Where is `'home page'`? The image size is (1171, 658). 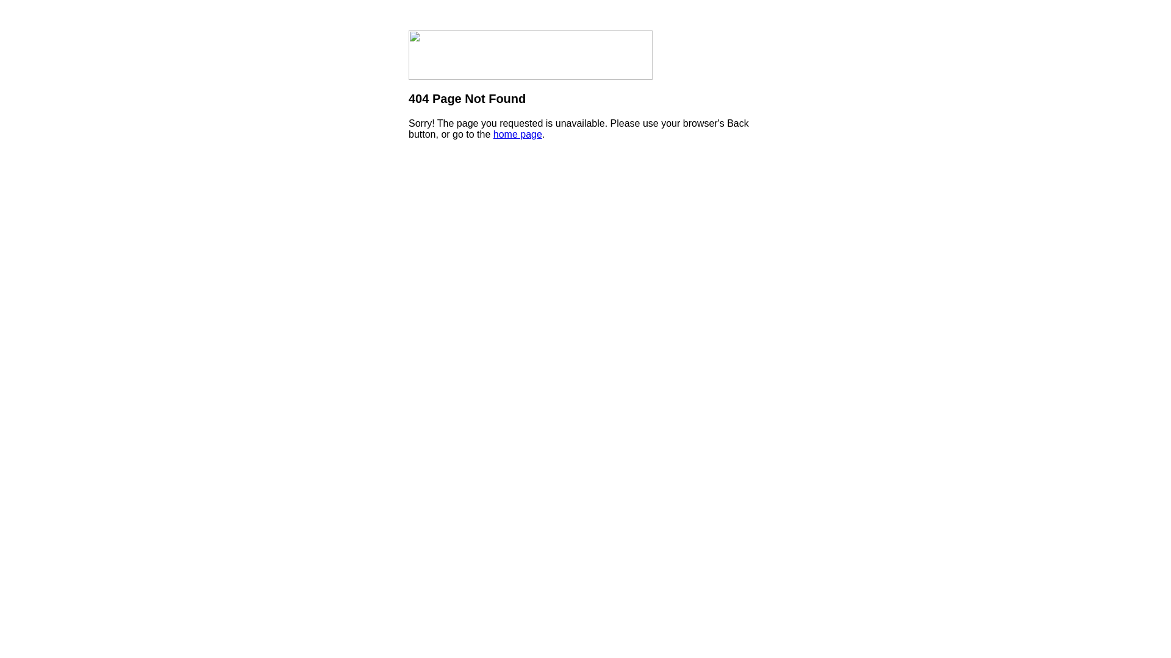 'home page' is located at coordinates (518, 134).